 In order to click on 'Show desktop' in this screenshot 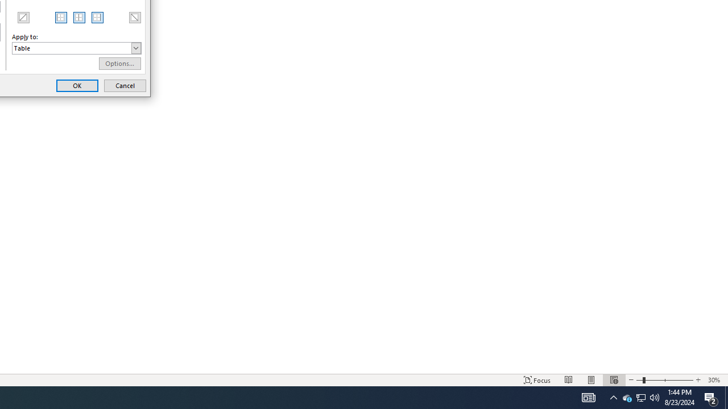, I will do `click(726, 397)`.